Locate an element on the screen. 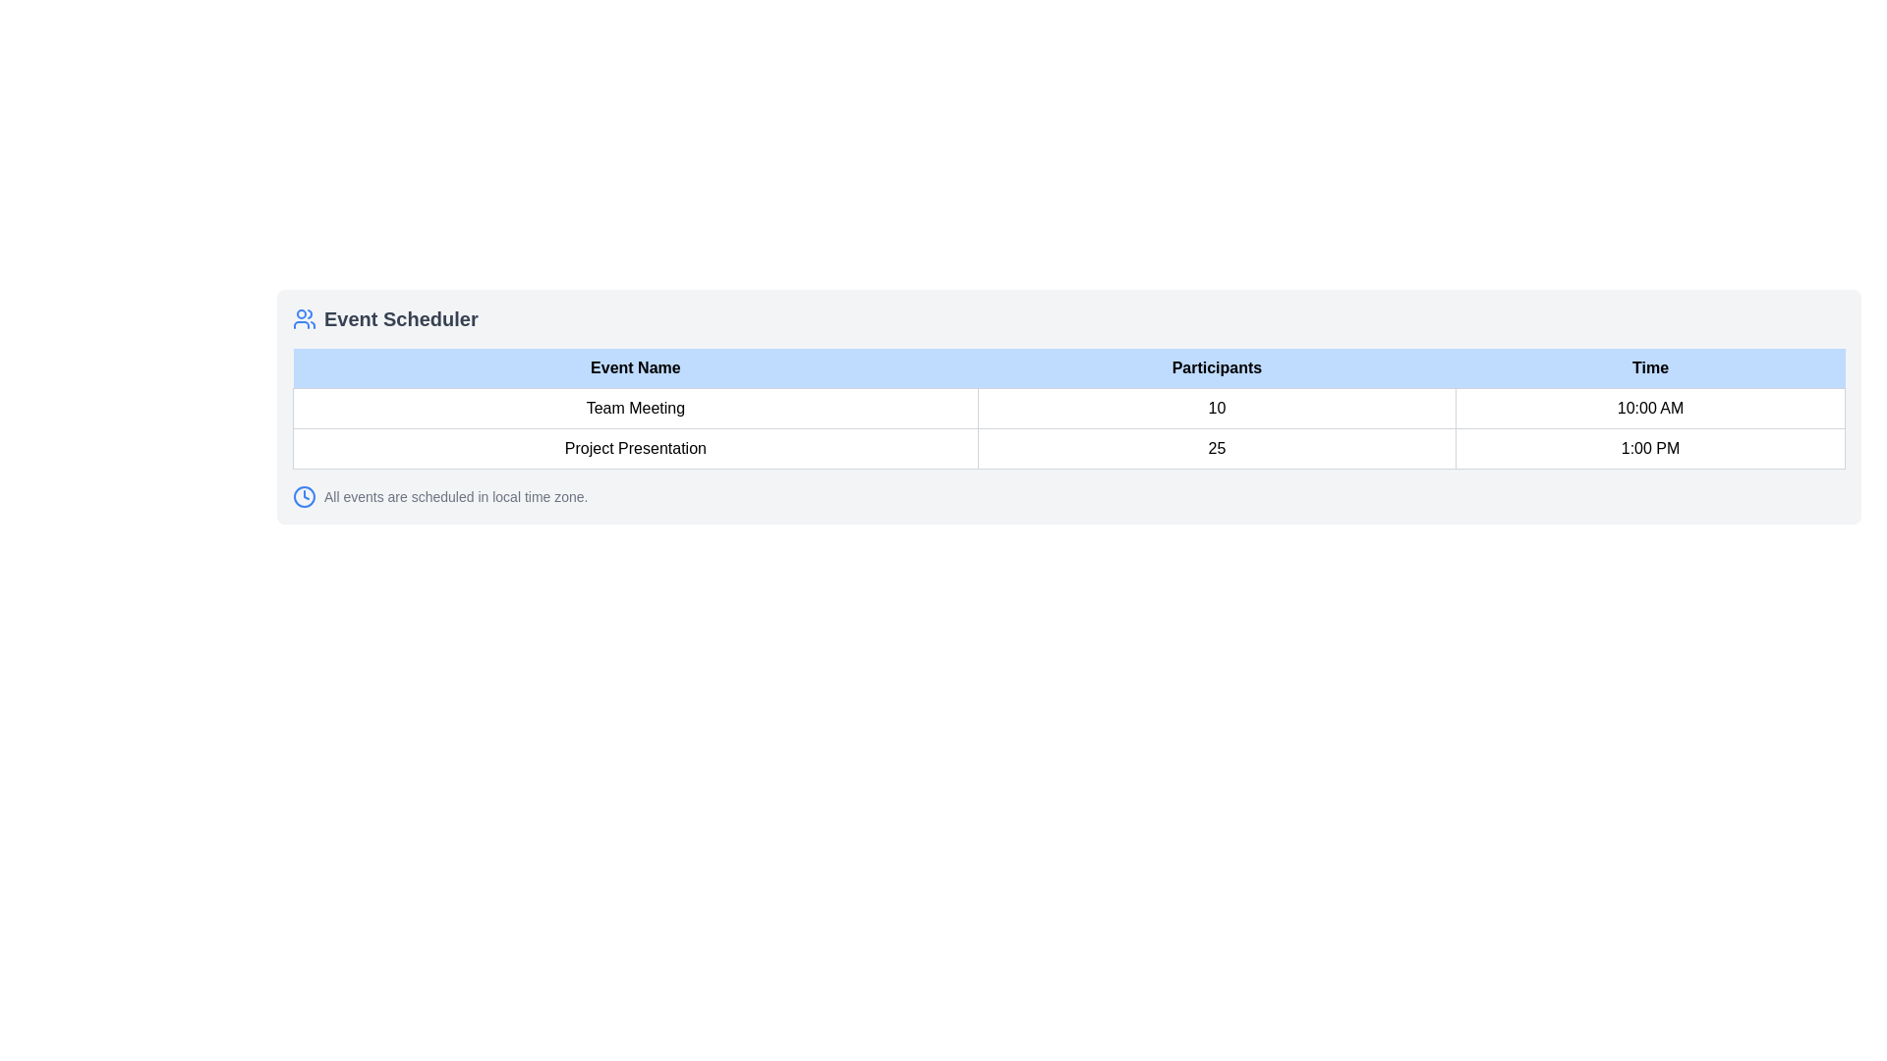 This screenshot has width=1887, height=1061. details of the 'Project Presentation' event in the second row of the schedule table, which includes the event name, time, and number of participants is located at coordinates (1068, 448).